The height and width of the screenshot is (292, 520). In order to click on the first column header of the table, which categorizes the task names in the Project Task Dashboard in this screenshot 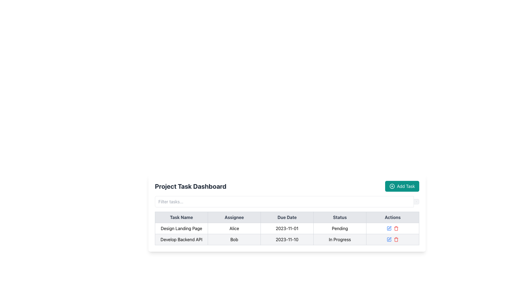, I will do `click(181, 217)`.